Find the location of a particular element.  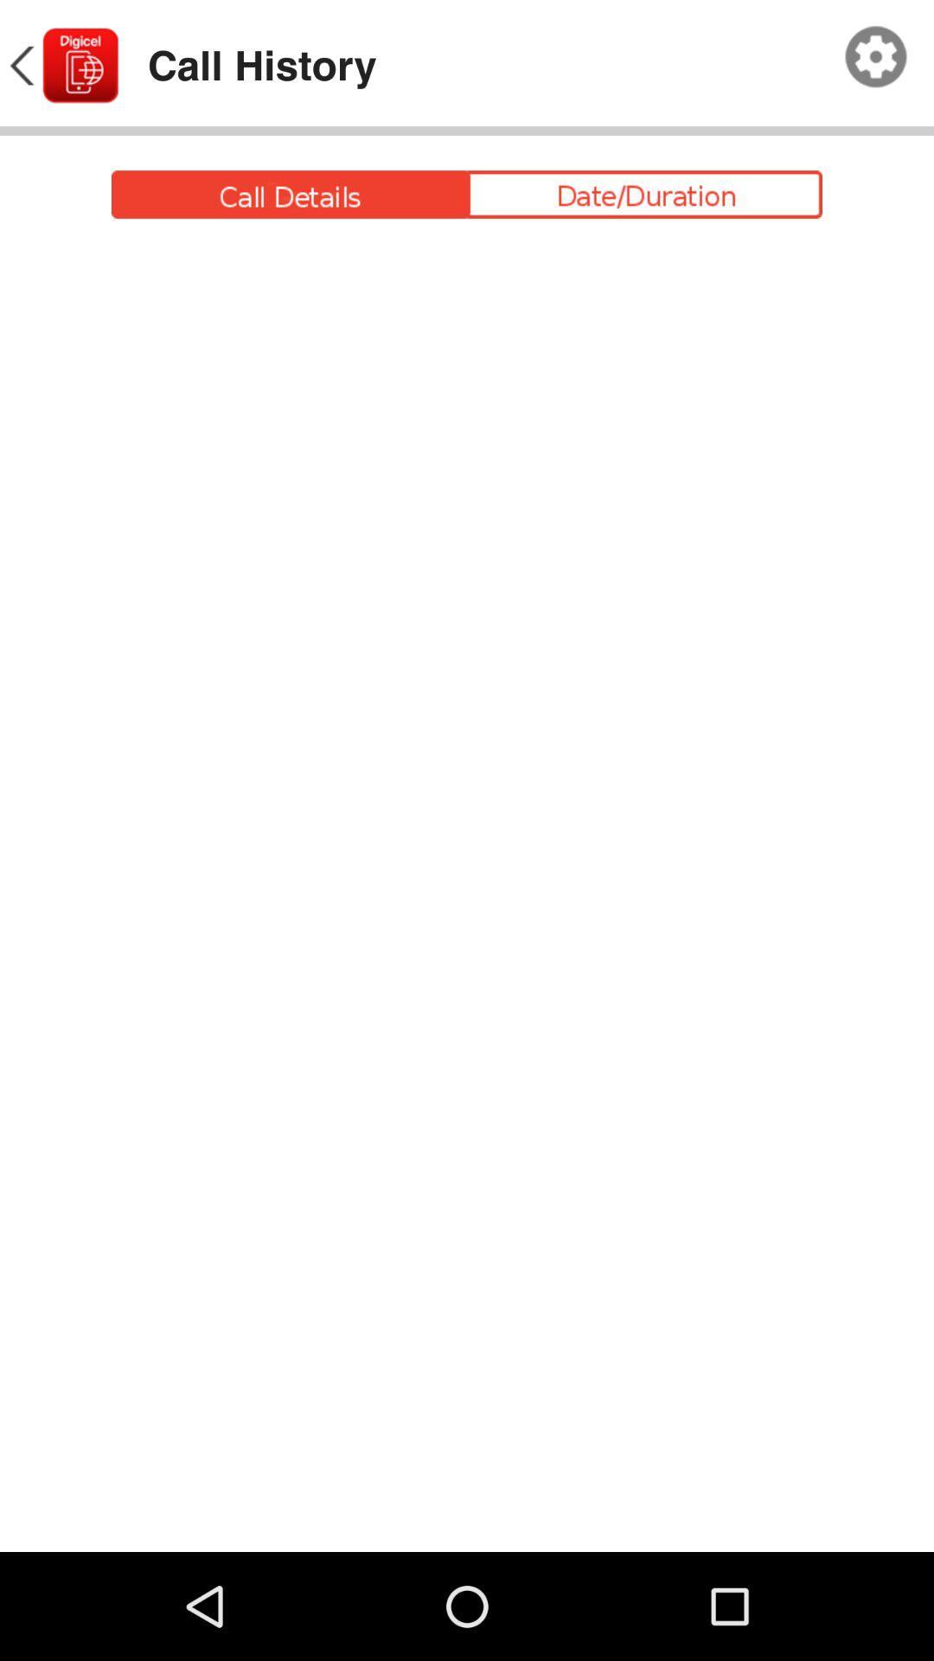

icon next to the call history item is located at coordinates (61, 66).